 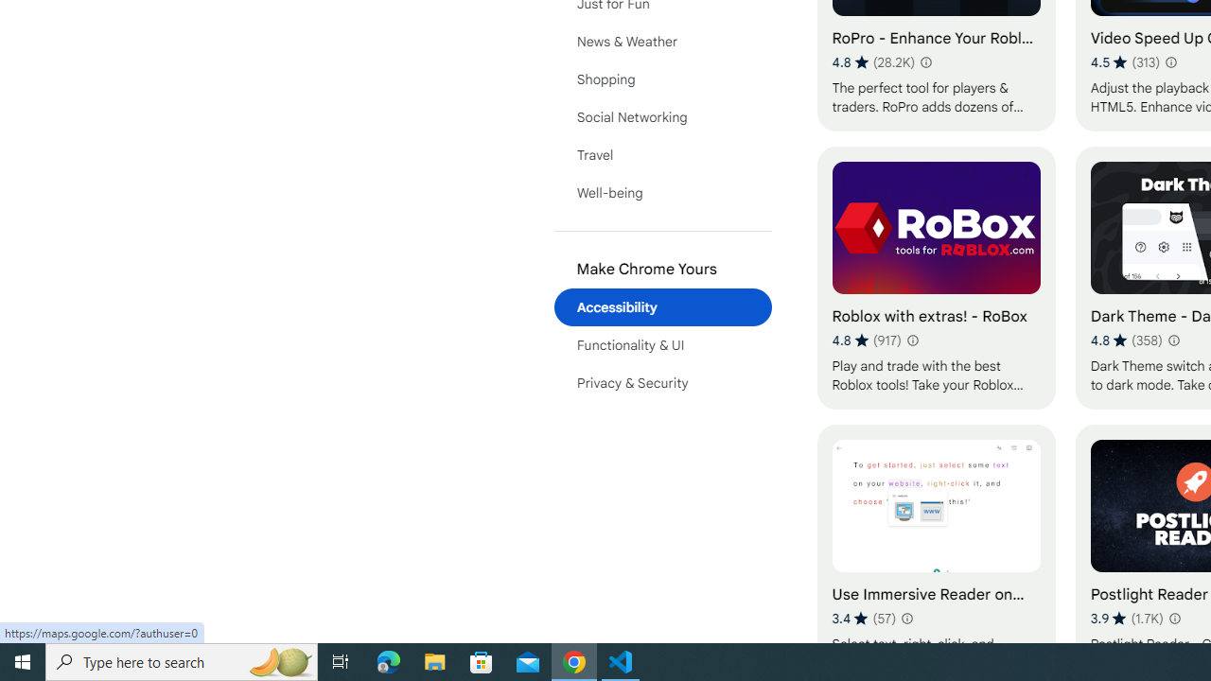 I want to click on 'Average rating 4.8 out of 5 stars. 358 ratings.', so click(x=1126, y=340).